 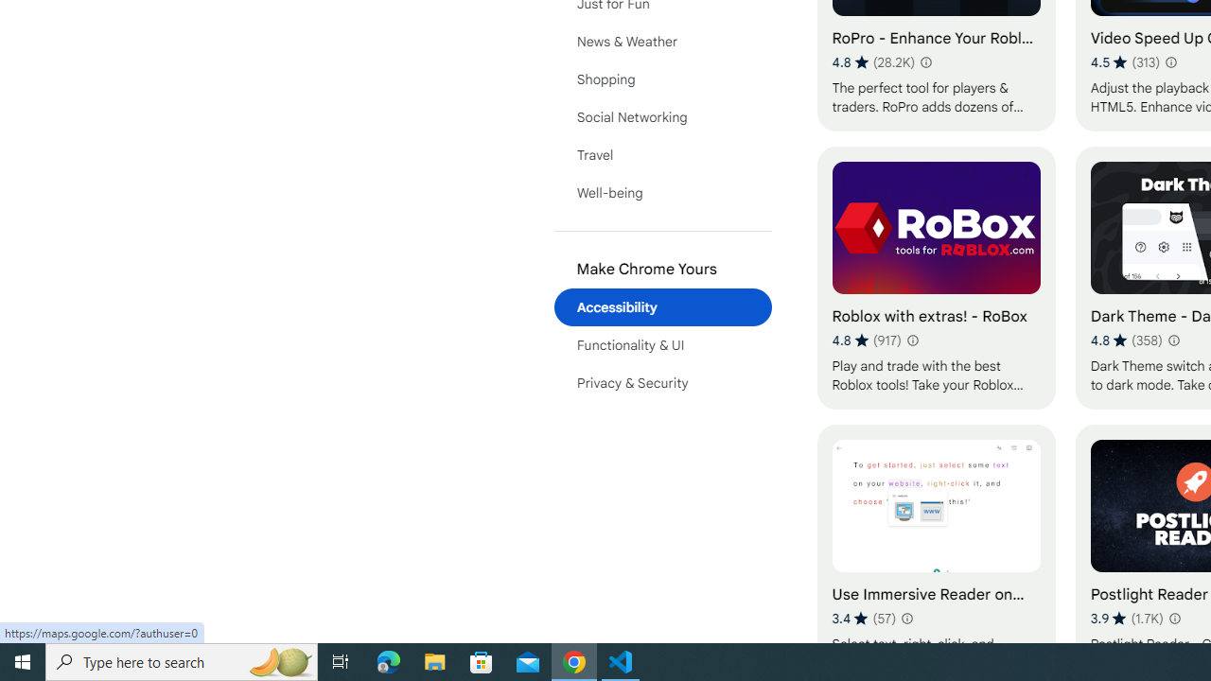 I want to click on 'Average rating 4.8 out of 5 stars. 358 ratings.', so click(x=1126, y=340).